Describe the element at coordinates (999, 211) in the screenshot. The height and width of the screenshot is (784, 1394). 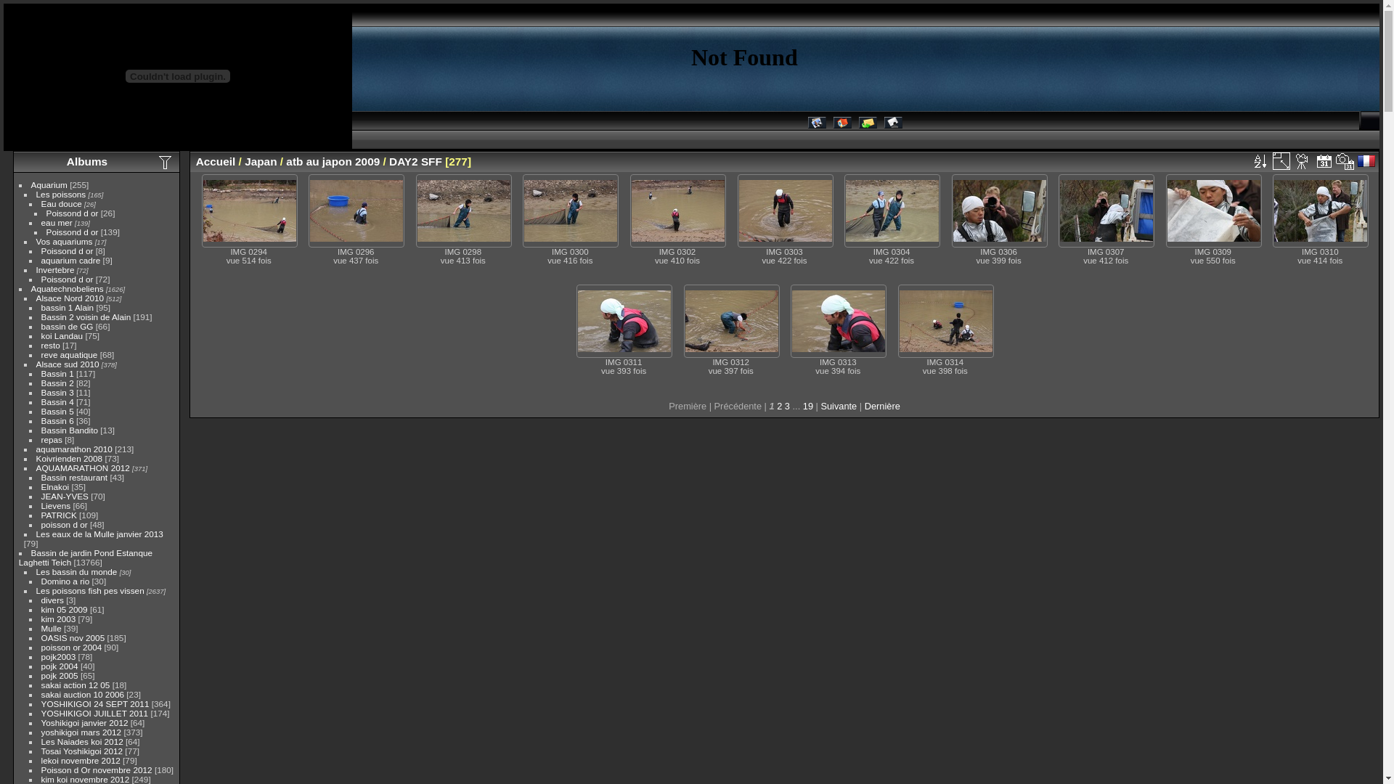
I see `'IMG 0306 (399 visites)'` at that location.